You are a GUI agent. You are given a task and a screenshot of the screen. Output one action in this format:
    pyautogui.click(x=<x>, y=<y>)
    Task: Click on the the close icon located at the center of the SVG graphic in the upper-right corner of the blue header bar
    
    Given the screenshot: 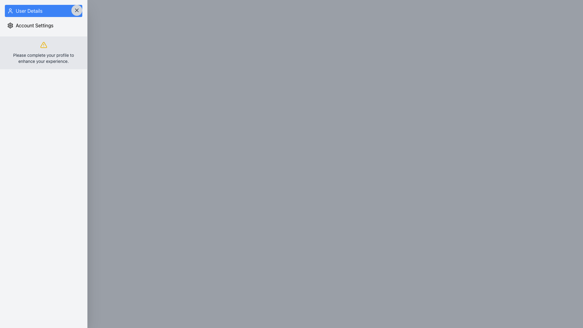 What is the action you would take?
    pyautogui.click(x=77, y=10)
    